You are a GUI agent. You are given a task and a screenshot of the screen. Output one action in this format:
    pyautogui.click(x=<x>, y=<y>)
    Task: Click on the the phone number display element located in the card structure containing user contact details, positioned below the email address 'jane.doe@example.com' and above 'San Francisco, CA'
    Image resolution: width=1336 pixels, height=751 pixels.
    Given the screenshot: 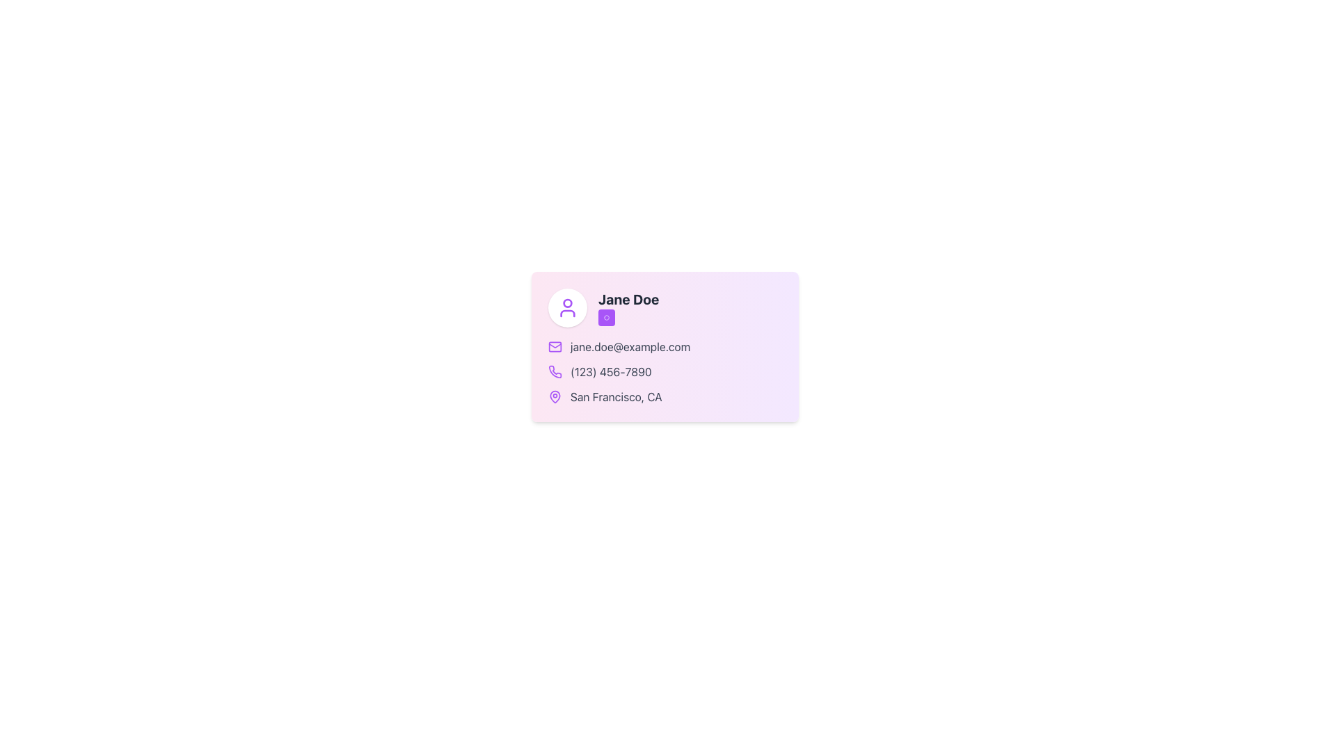 What is the action you would take?
    pyautogui.click(x=664, y=371)
    